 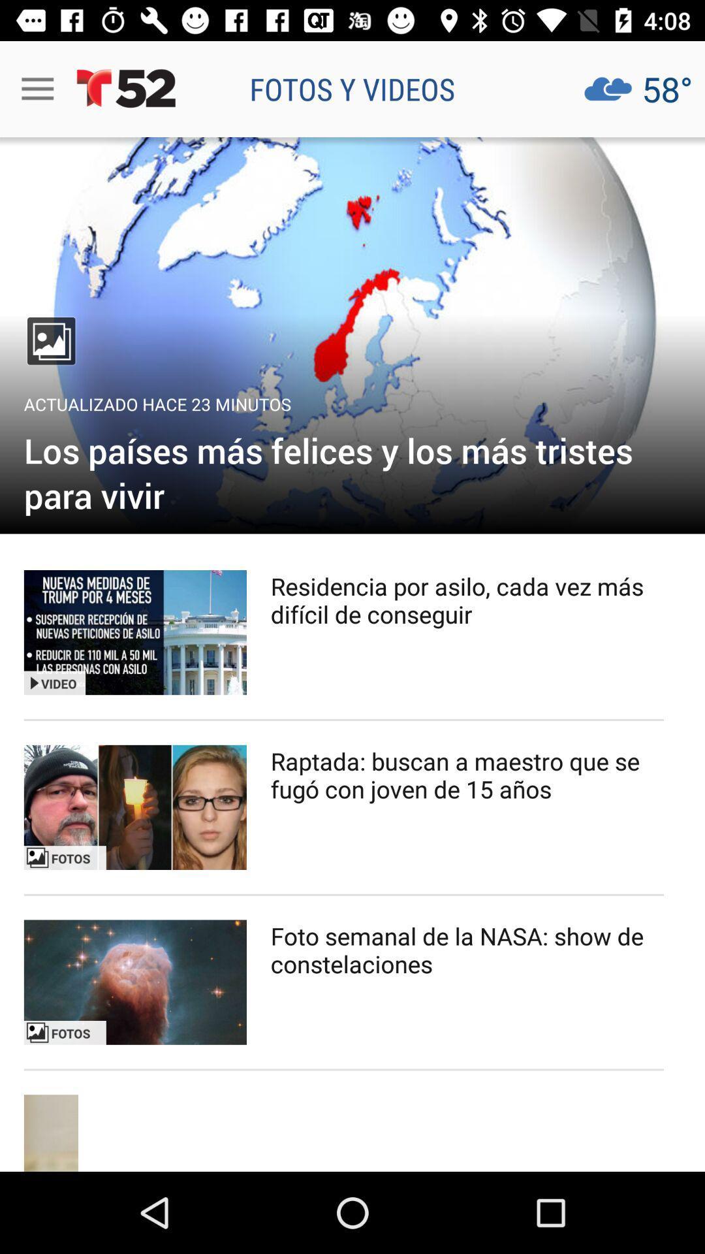 What do you see at coordinates (352, 335) in the screenshot?
I see `open gallery` at bounding box center [352, 335].